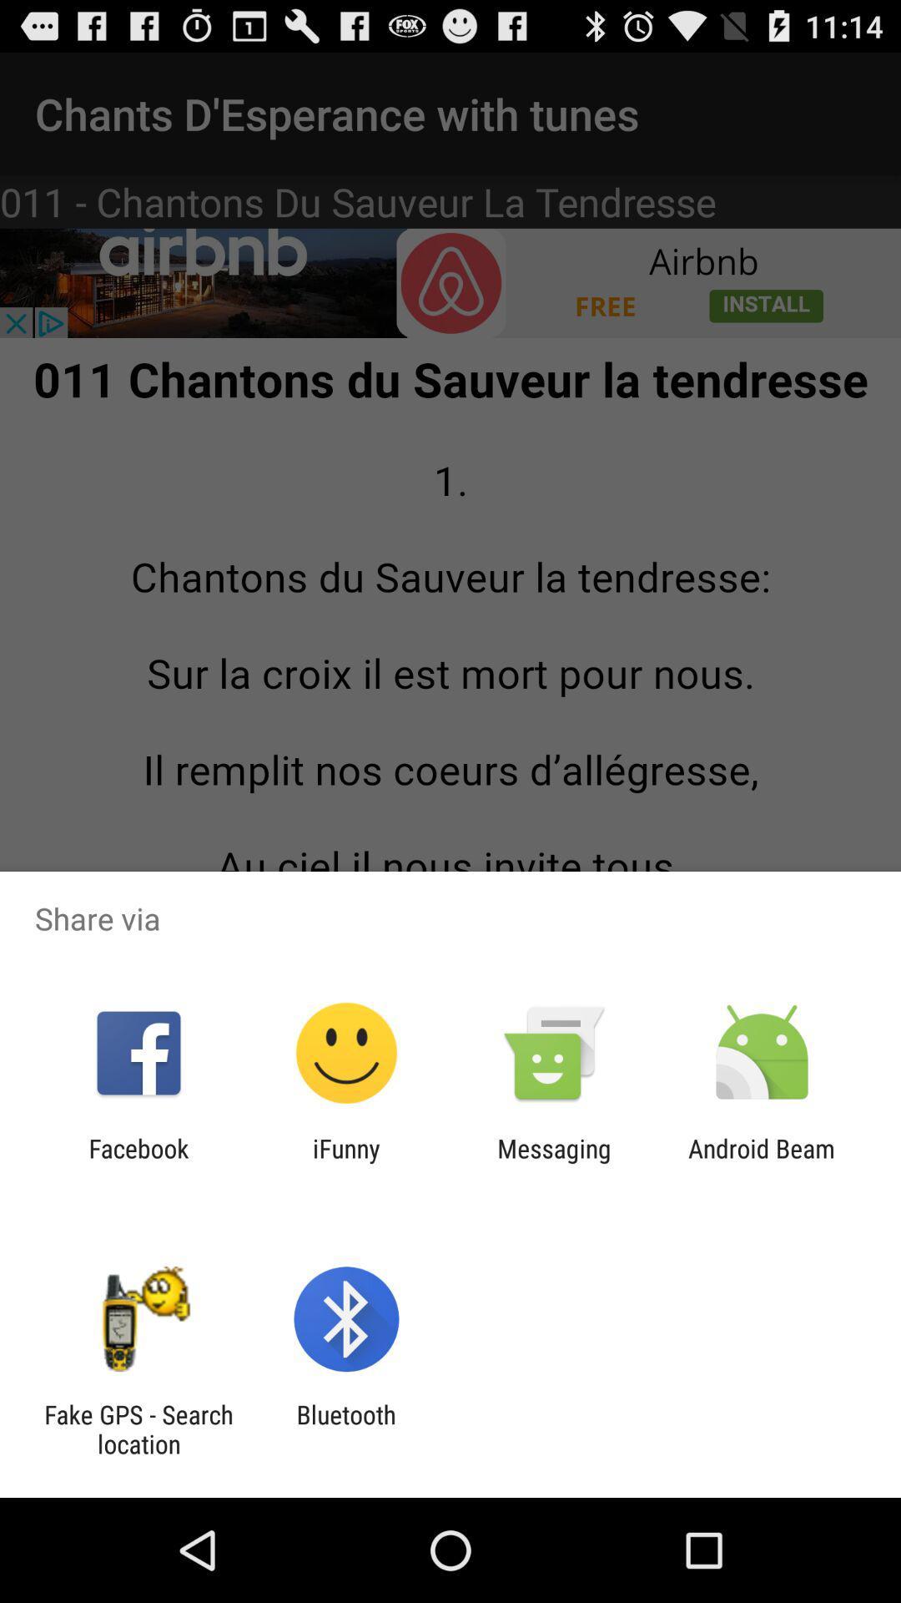  I want to click on the icon to the right of fake gps search item, so click(345, 1429).